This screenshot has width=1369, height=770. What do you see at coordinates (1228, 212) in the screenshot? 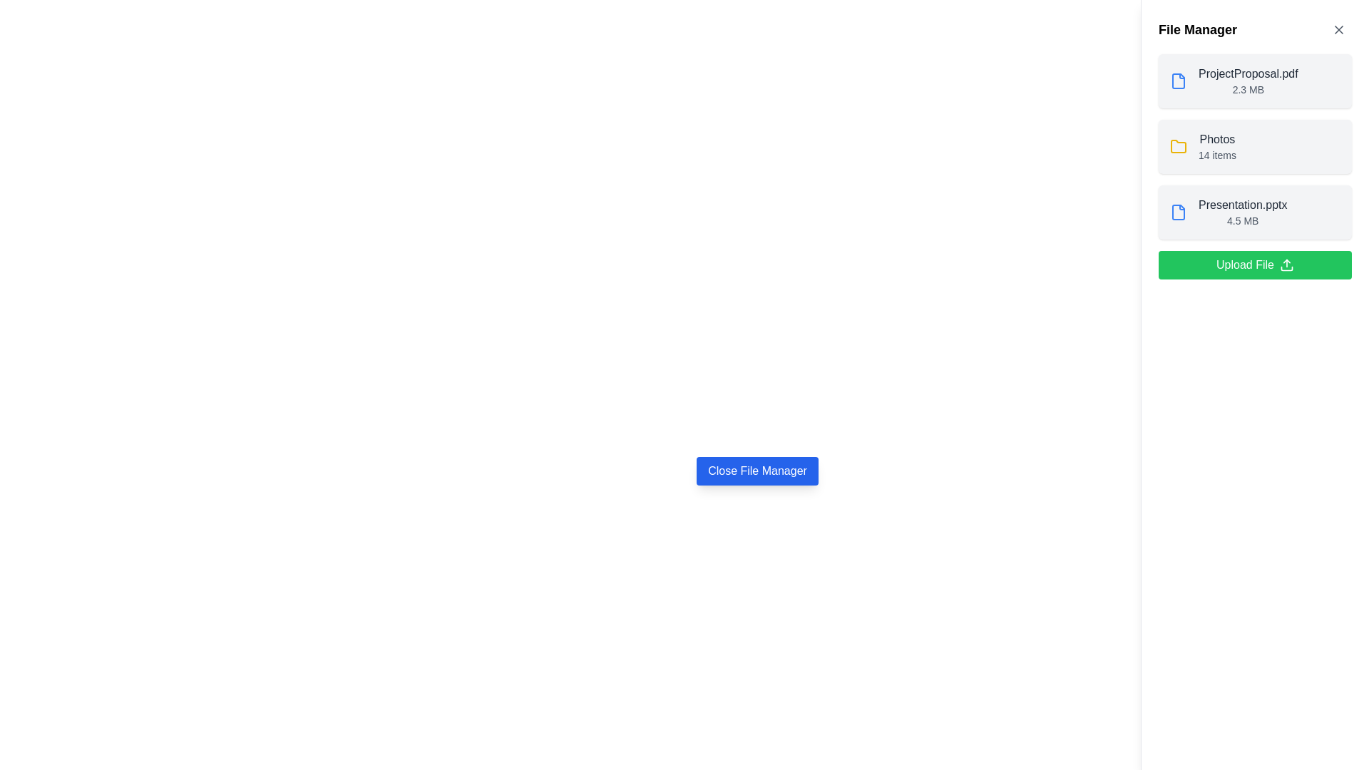
I see `the 'Presentation.pptx' file item entry` at bounding box center [1228, 212].